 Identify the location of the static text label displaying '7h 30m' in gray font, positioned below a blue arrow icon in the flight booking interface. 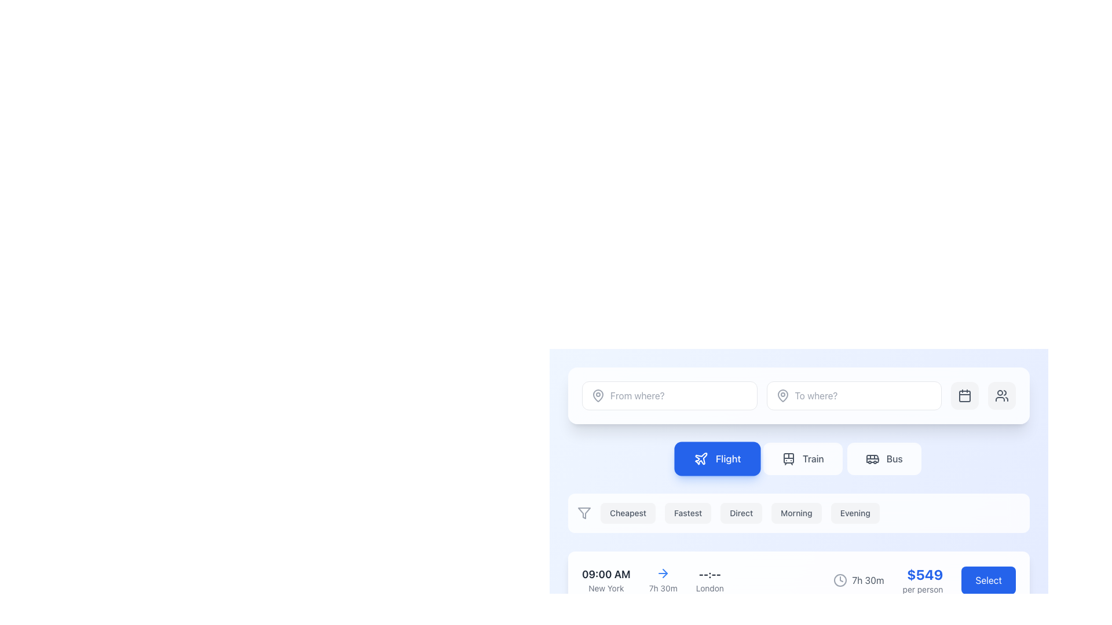
(663, 589).